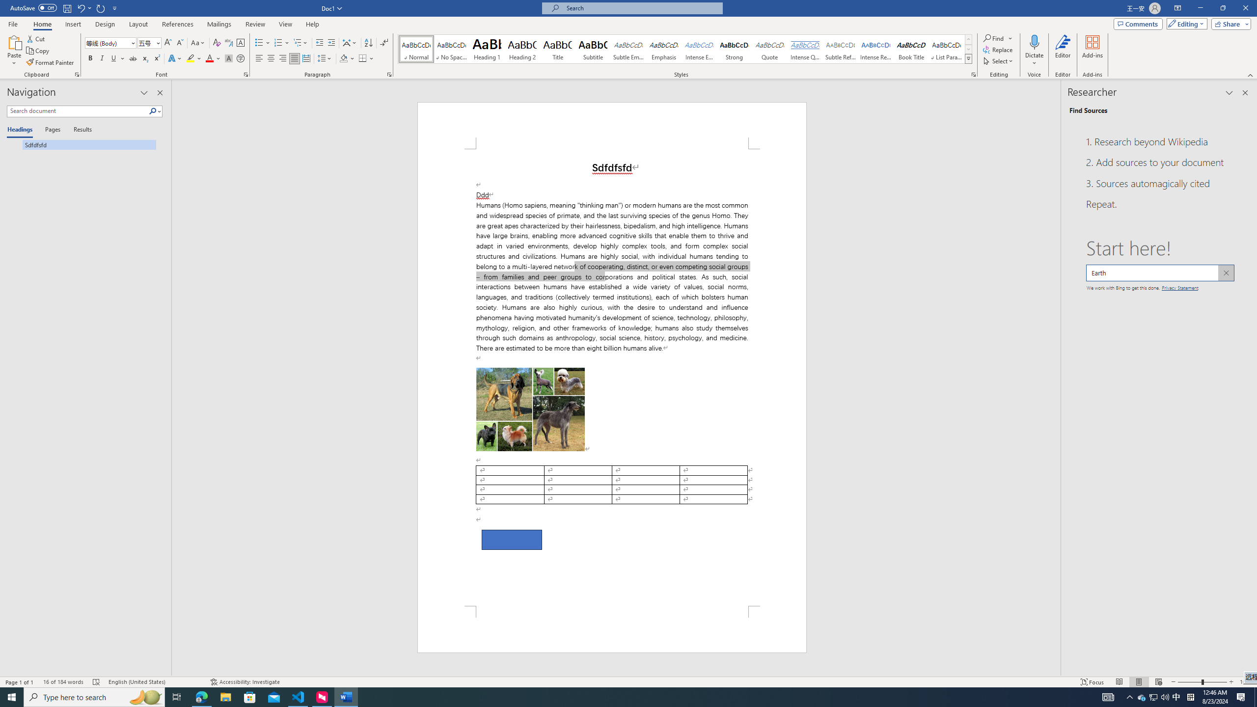 The height and width of the screenshot is (707, 1257). What do you see at coordinates (117, 58) in the screenshot?
I see `'Underline'` at bounding box center [117, 58].